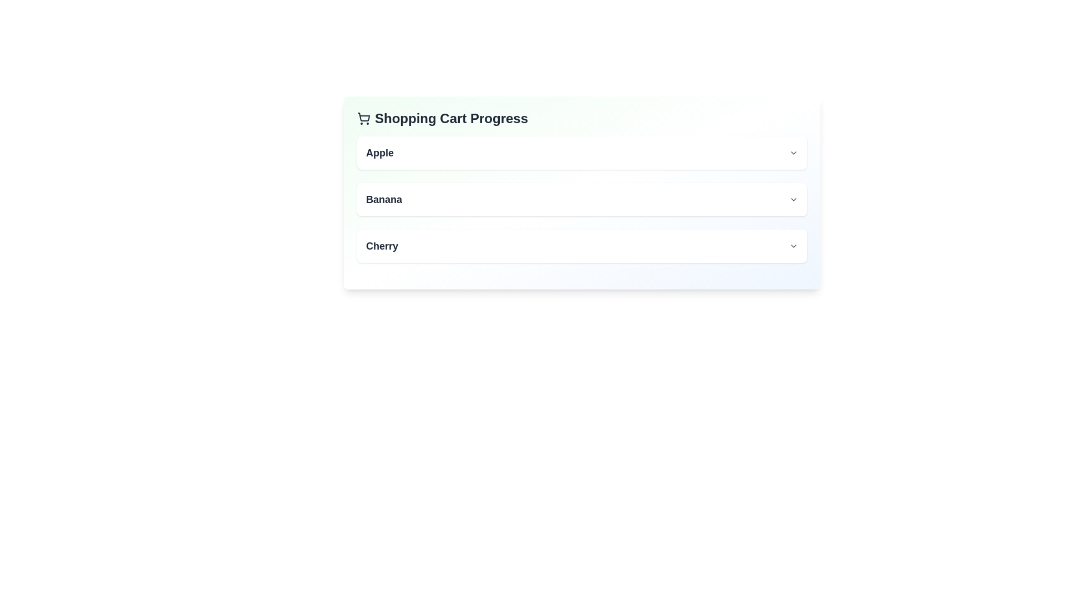 The image size is (1065, 599). What do you see at coordinates (793, 153) in the screenshot?
I see `the dropdown indicator (chevron icon) next to the 'Apple' text to change its color` at bounding box center [793, 153].